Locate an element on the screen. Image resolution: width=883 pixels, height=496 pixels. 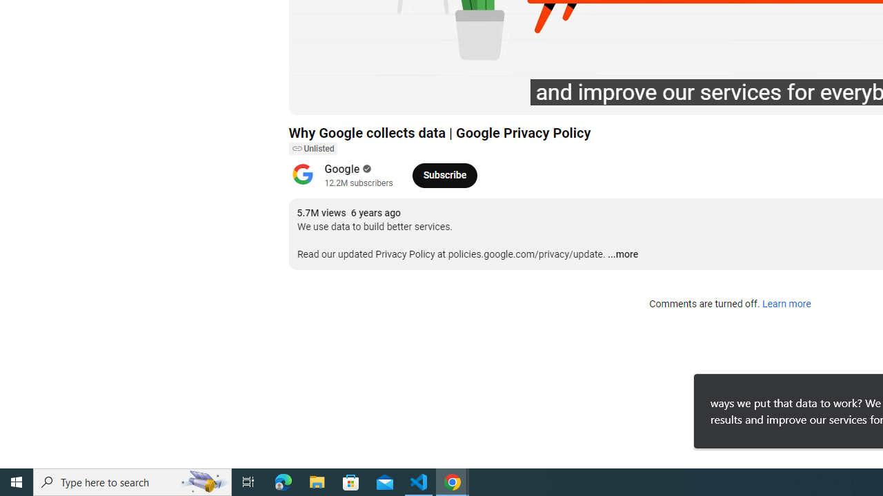
'Subscribe to Google.' is located at coordinates (444, 174).